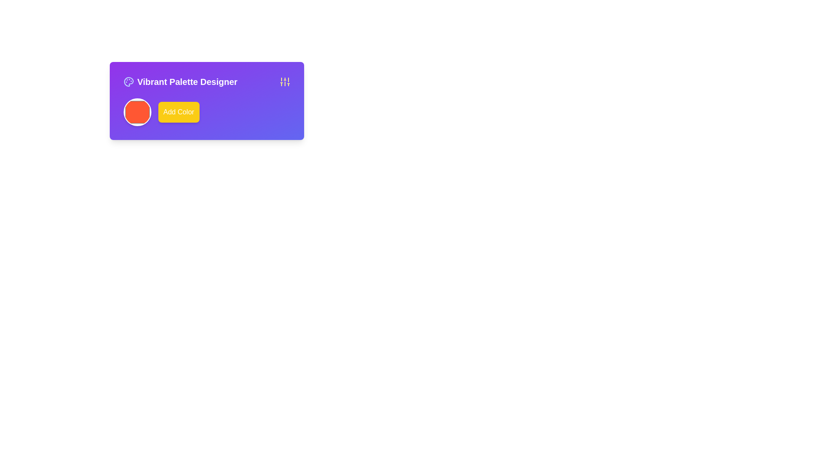  Describe the element at coordinates (285, 82) in the screenshot. I see `the vertically oriented sliders icon styled with a yellow hue, located in the top-right corner of the header section next to the text 'Vibrant Palette Designer'` at that location.